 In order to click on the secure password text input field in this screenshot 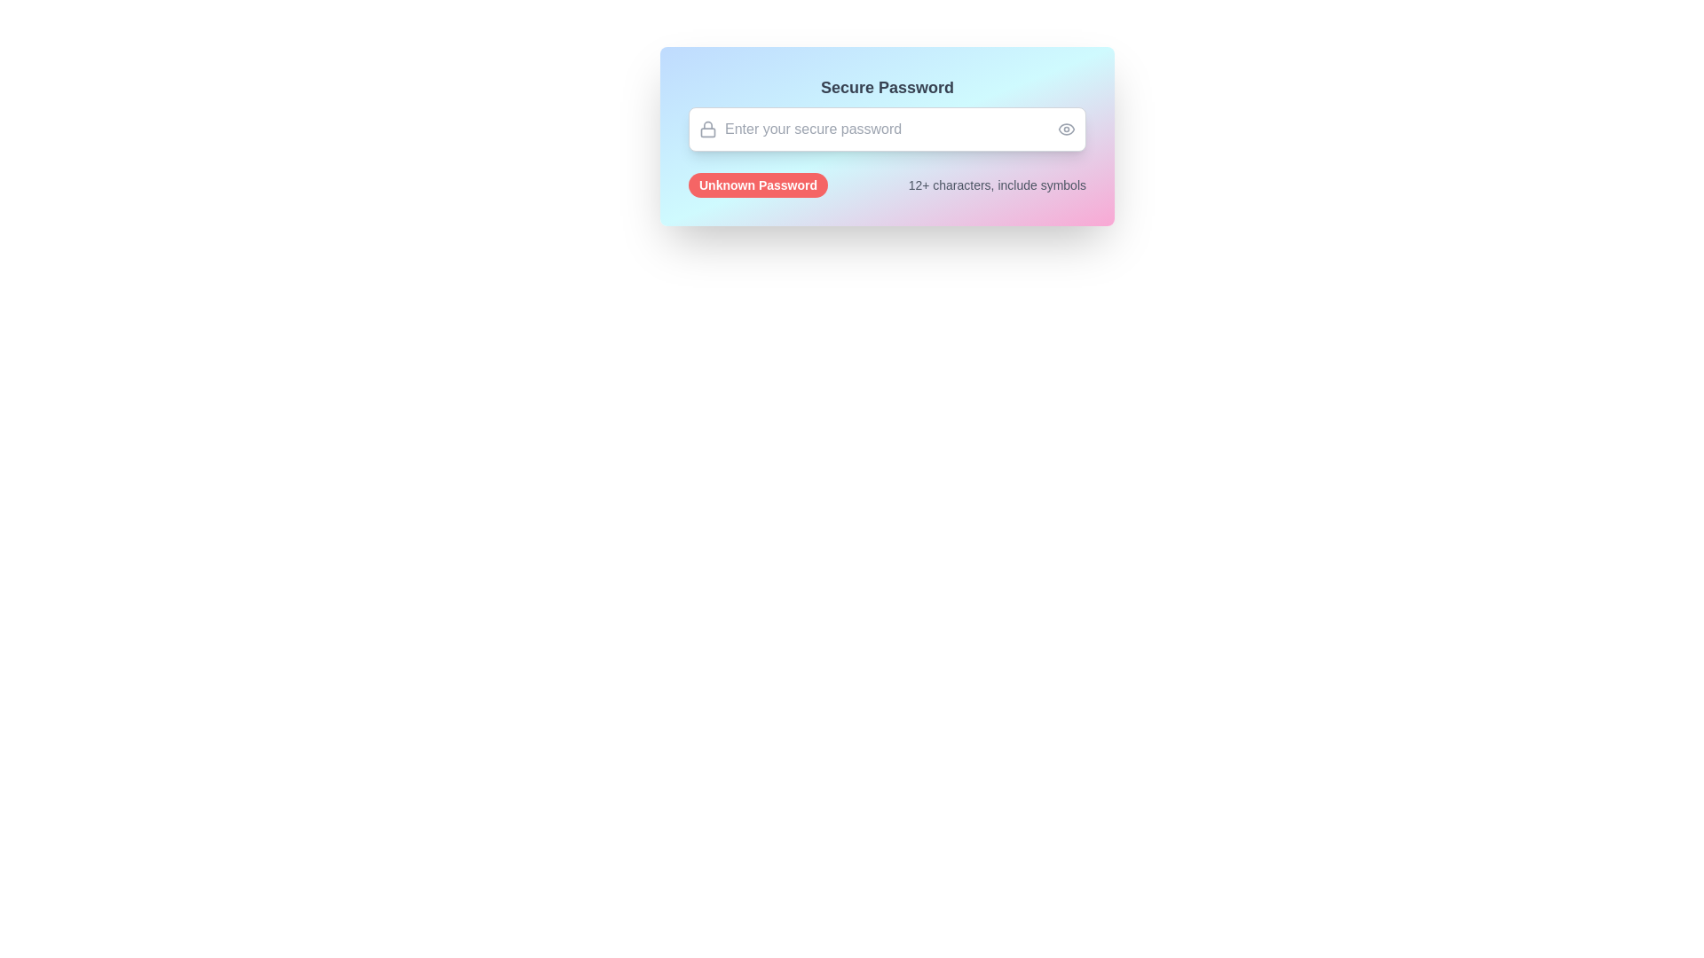, I will do `click(887, 129)`.